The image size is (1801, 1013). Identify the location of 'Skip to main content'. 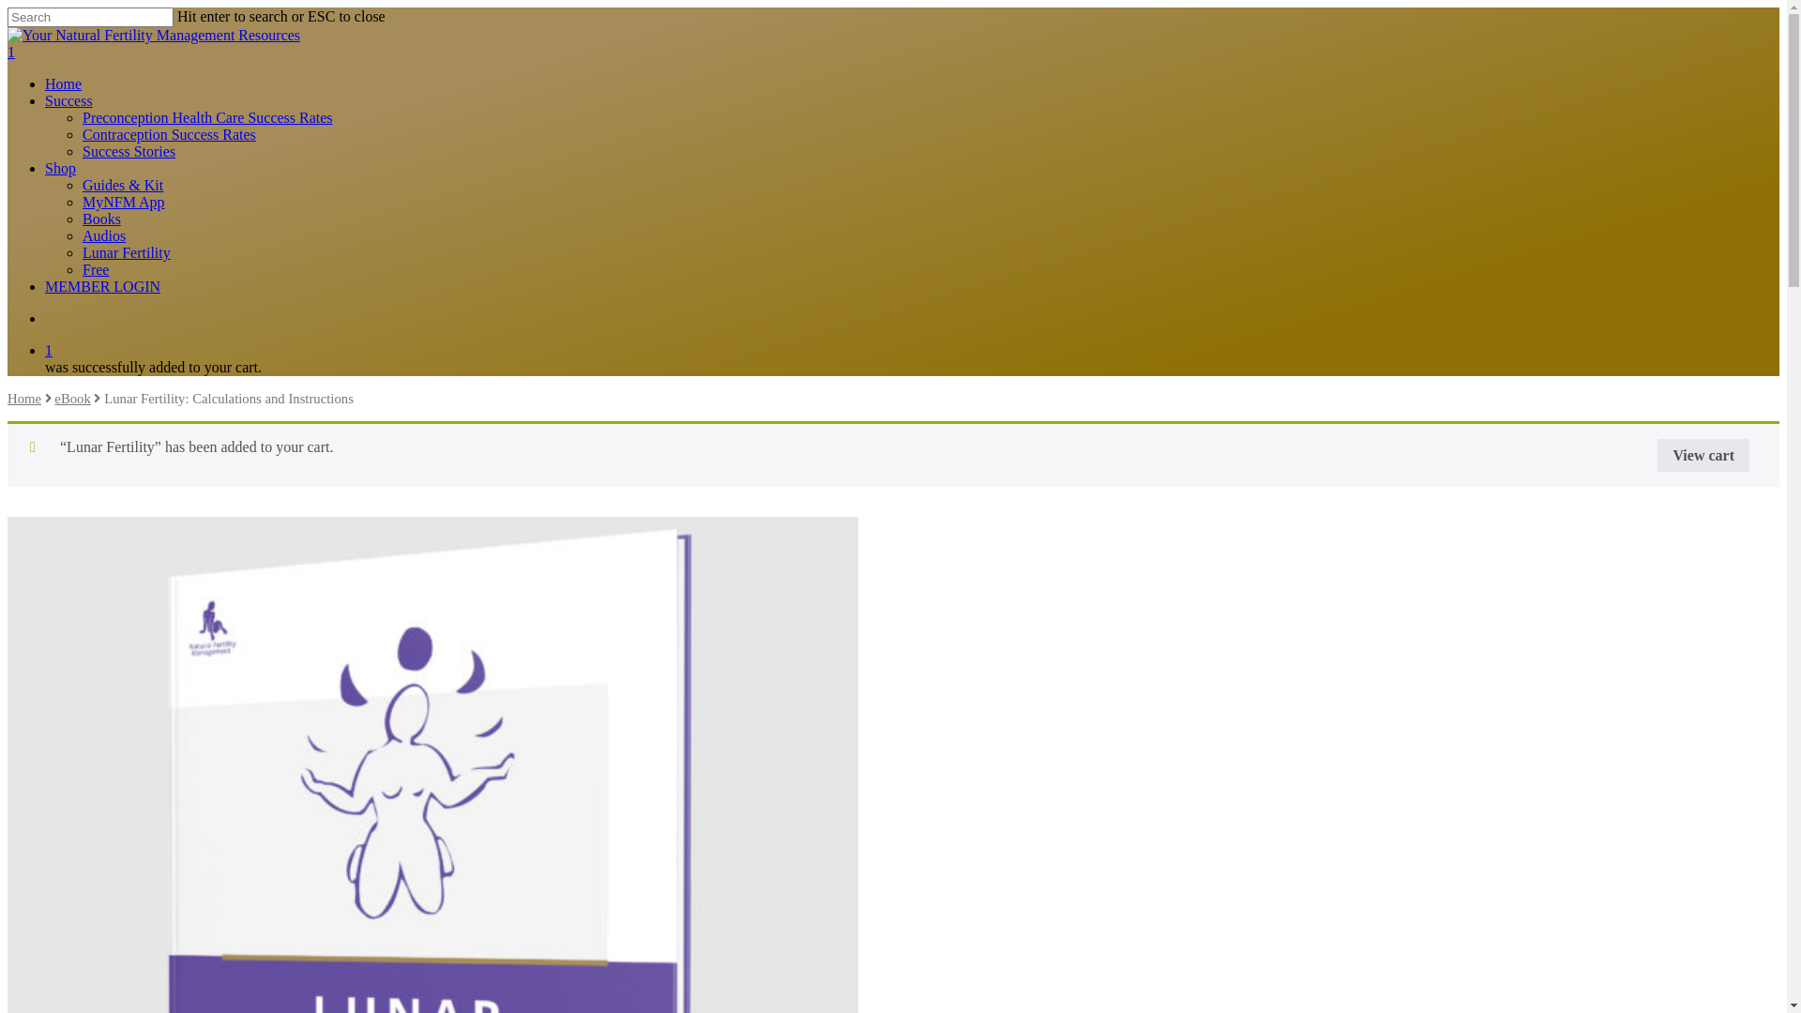
(7, 7).